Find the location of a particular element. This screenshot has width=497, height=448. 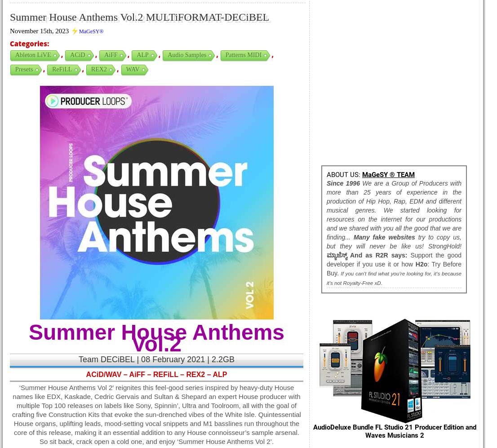

'November 15th, 2023 ⚡' is located at coordinates (44, 30).